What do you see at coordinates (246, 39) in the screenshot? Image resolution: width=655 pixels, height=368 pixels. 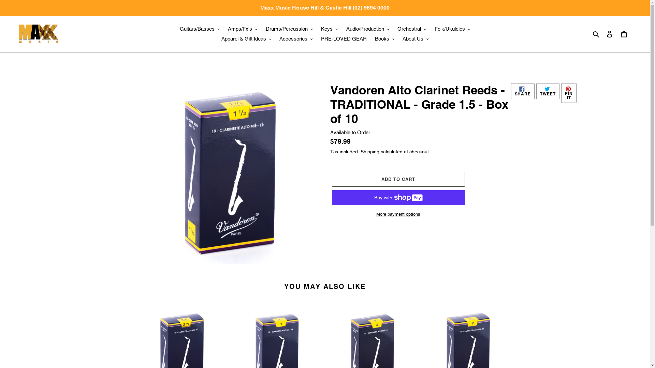 I see `'Apparel & Gift Ideas'` at bounding box center [246, 39].